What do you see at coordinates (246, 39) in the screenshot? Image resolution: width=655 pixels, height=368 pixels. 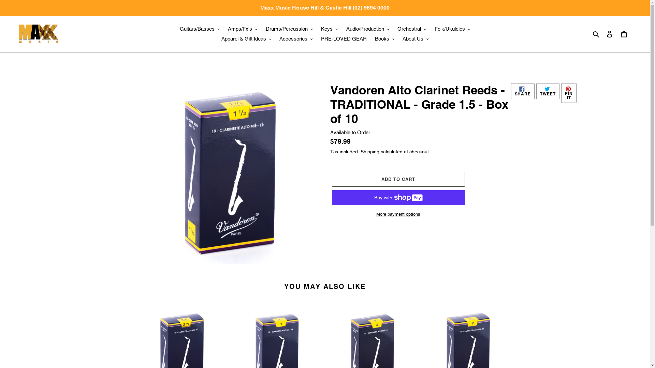 I see `'Apparel & Gift Ideas'` at bounding box center [246, 39].